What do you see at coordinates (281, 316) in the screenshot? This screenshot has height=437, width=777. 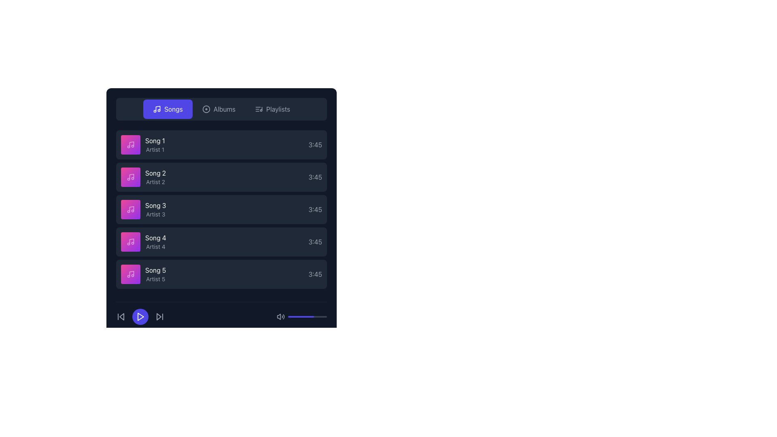 I see `the sound volume icon located at the bottom-right section of the interface to adjust the volume settings` at bounding box center [281, 316].